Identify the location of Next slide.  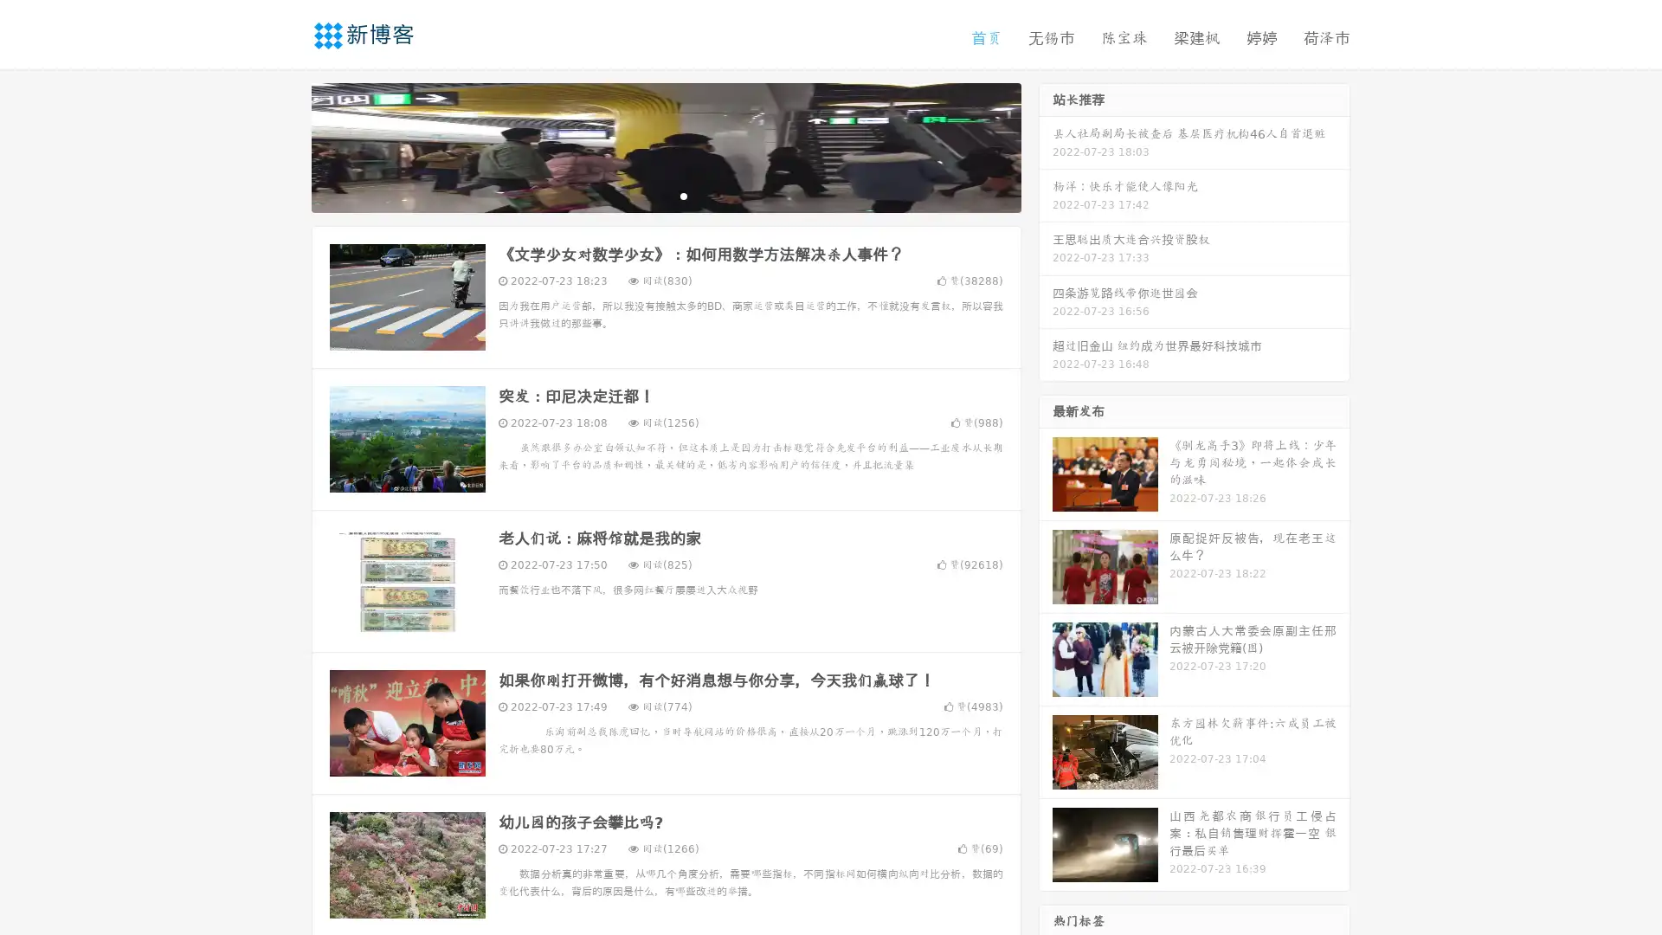
(1046, 145).